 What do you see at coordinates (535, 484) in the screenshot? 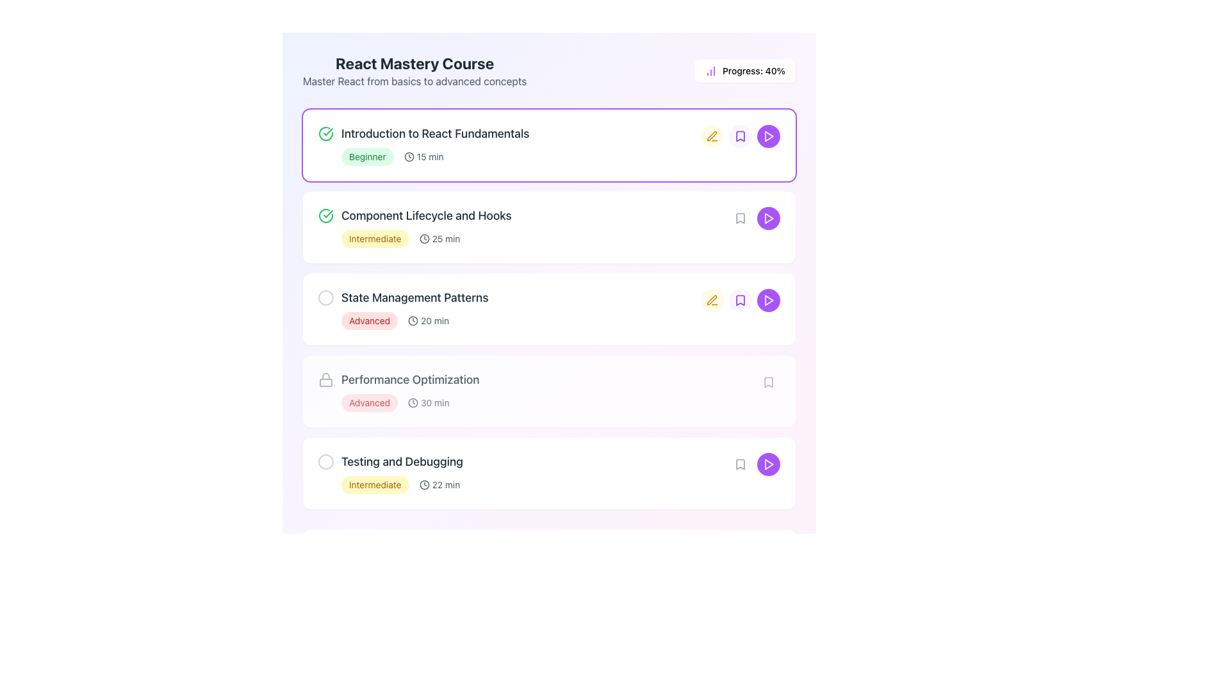
I see `displayed information indicating the difficulty level ('Intermediate') and the estimated time ('22 min') for the 'Testing and Debugging' section, located below the section title` at bounding box center [535, 484].